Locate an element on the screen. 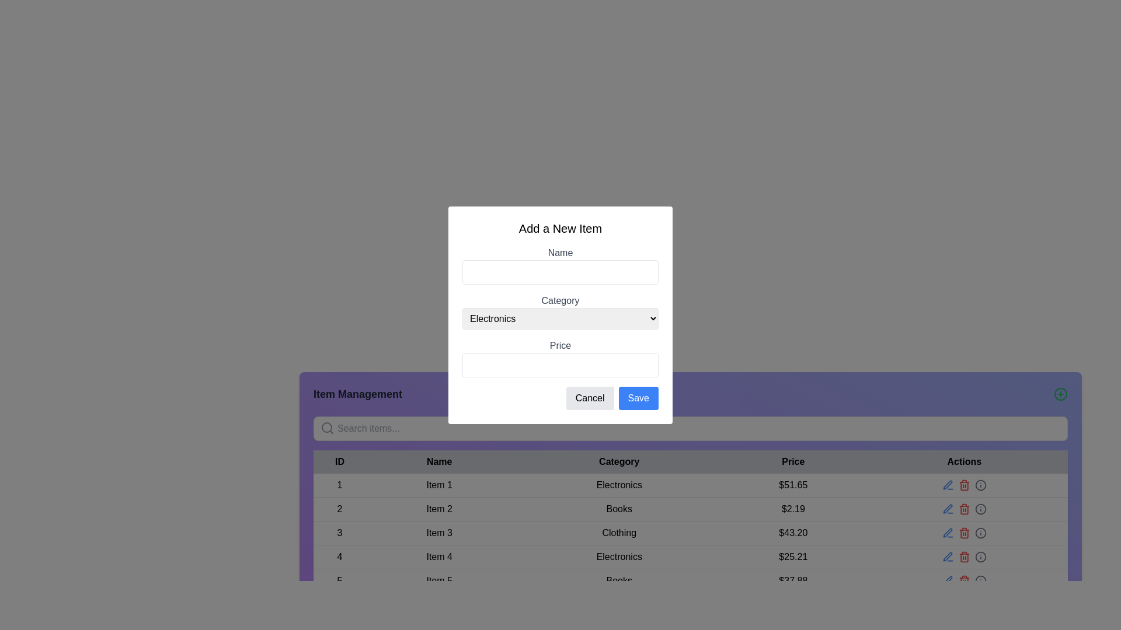  the red trash can icon in the last row of the table under the 'Actions' column is located at coordinates (964, 580).